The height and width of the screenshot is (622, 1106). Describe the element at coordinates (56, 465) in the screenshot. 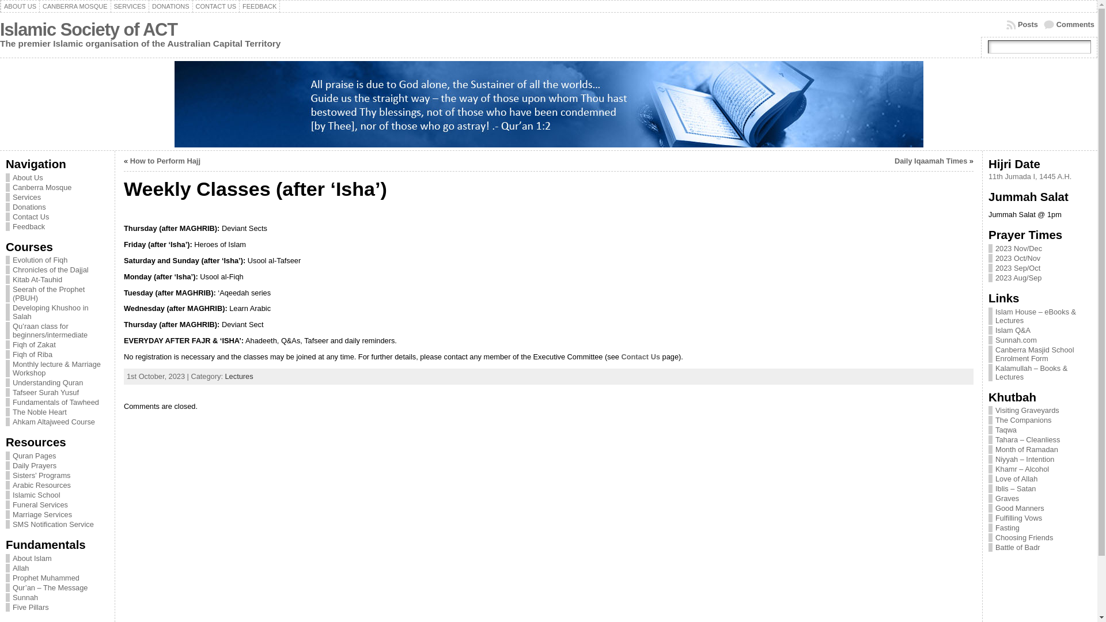

I see `'Daily Prayers'` at that location.